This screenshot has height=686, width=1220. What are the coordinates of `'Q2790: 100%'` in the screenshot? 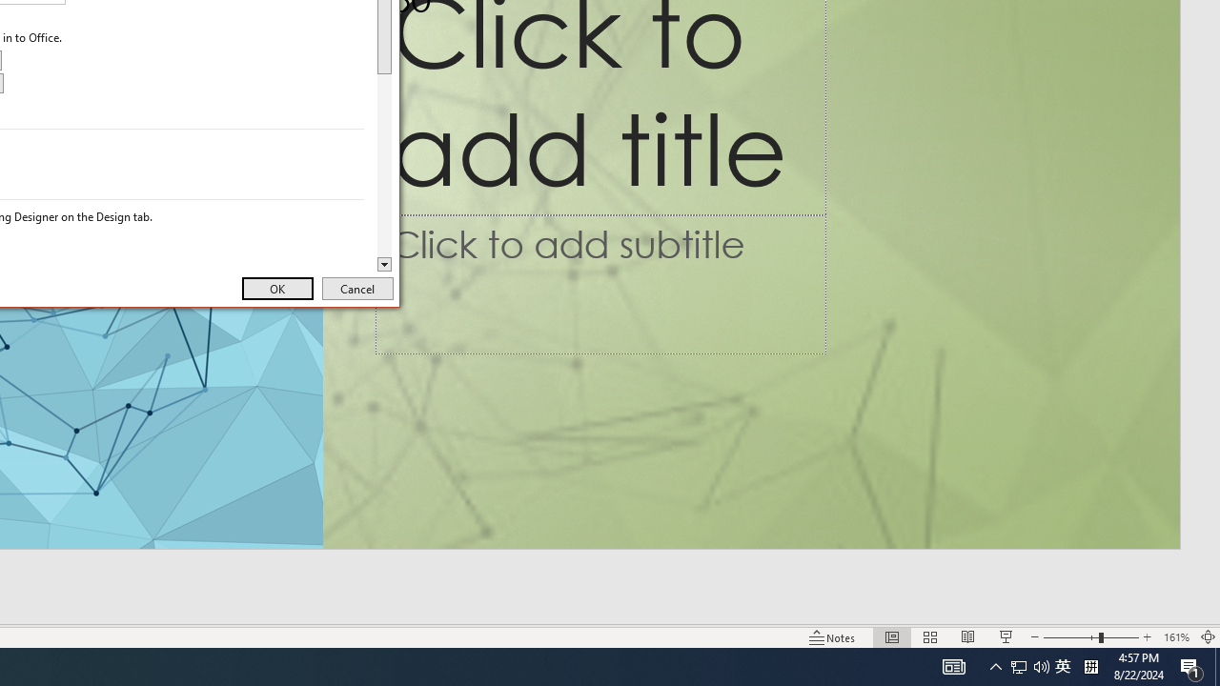 It's located at (1062, 665).